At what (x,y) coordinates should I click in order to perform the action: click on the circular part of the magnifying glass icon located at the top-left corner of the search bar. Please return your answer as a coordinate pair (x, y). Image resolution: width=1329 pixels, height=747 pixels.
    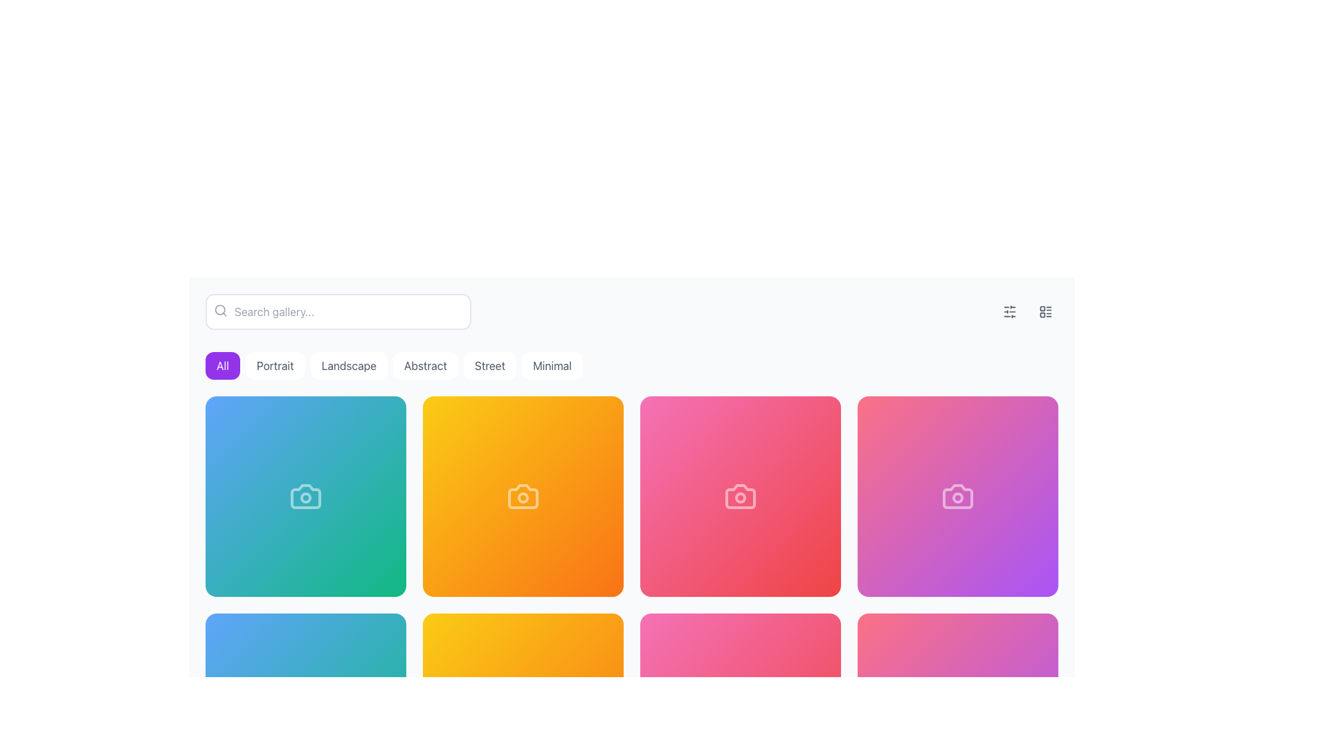
    Looking at the image, I should click on (219, 309).